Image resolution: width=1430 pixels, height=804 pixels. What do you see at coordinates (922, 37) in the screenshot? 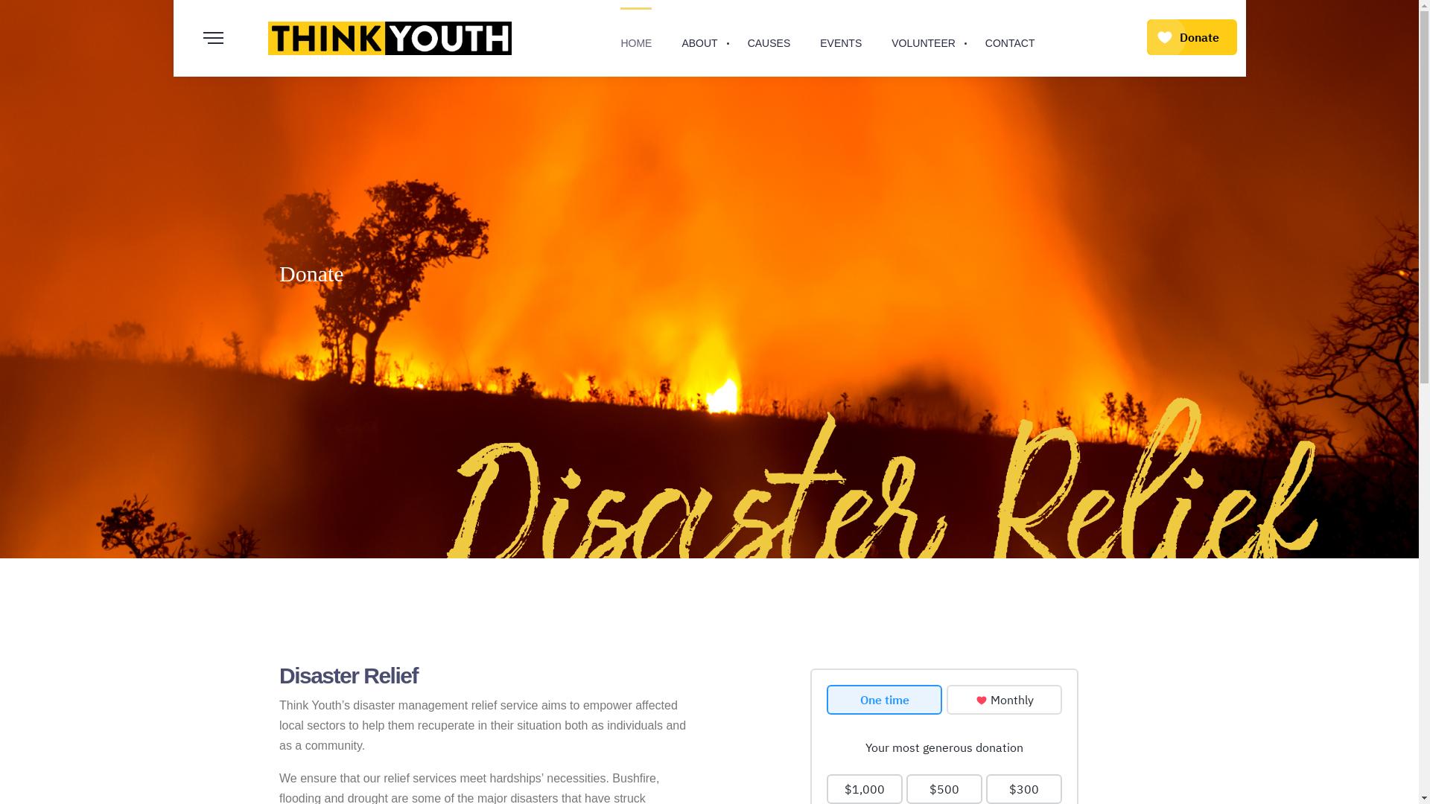
I see `'VOLUNTEER'` at bounding box center [922, 37].